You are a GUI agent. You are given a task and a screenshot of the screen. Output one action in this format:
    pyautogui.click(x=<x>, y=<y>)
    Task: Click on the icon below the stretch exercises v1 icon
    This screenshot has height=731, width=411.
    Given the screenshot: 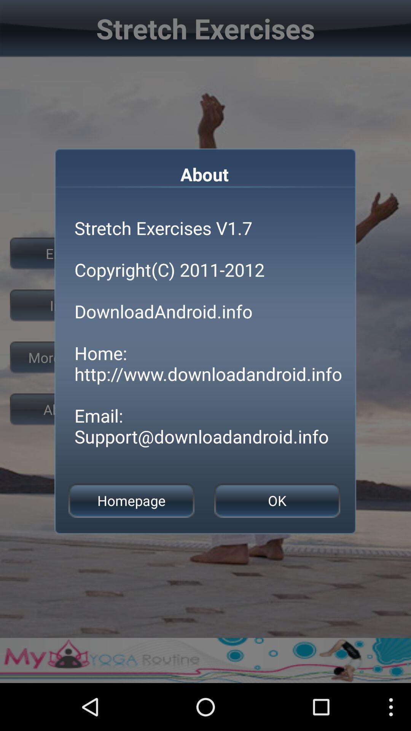 What is the action you would take?
    pyautogui.click(x=277, y=501)
    